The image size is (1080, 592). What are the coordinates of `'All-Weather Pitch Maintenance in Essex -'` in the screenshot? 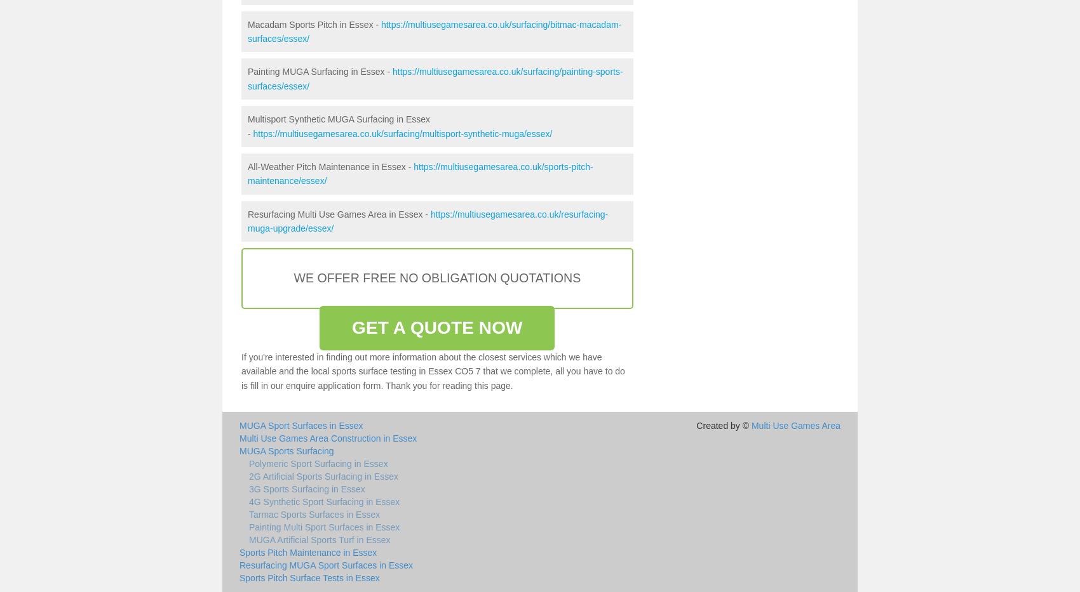 It's located at (330, 166).